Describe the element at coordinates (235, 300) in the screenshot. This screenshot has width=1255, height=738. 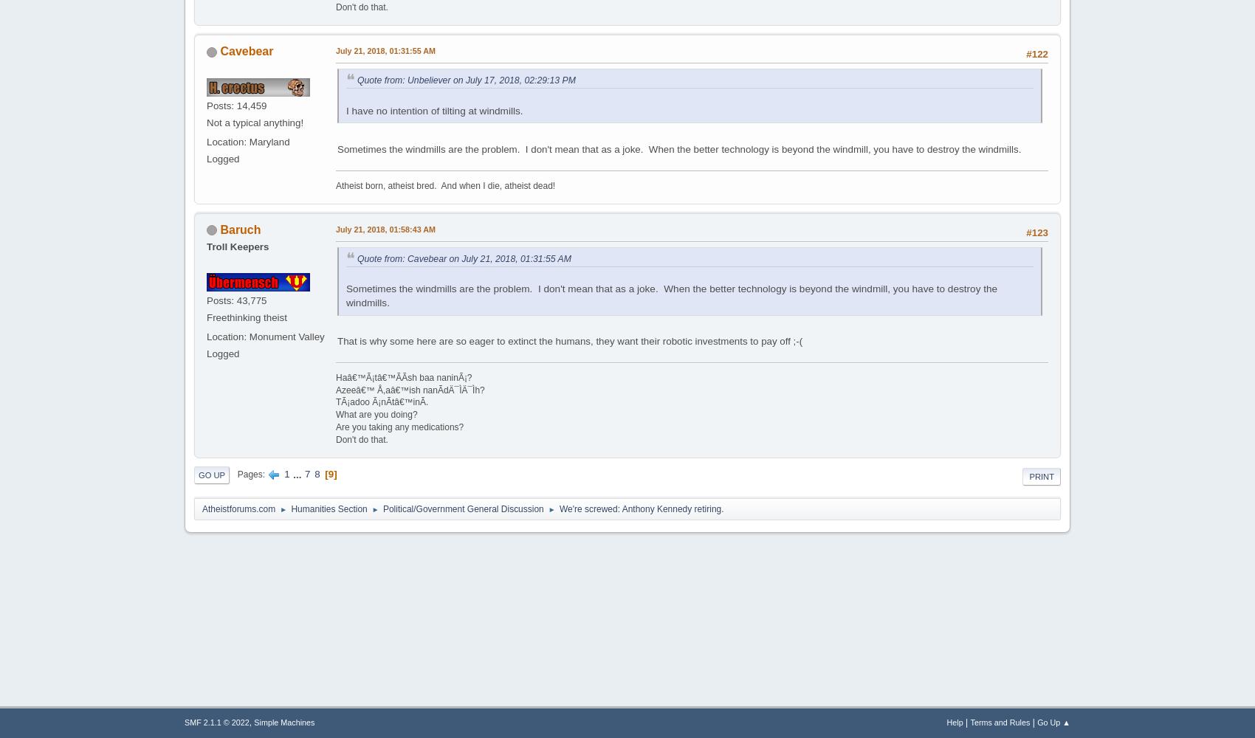
I see `'Posts: 43,775'` at that location.